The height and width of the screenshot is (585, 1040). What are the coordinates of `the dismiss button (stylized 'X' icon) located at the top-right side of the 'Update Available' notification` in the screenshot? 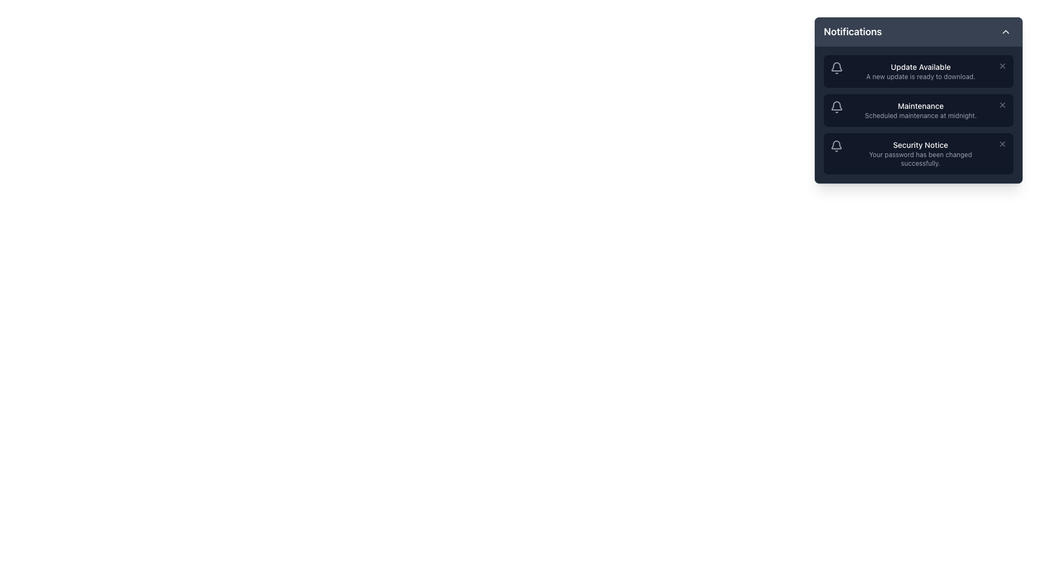 It's located at (1002, 66).